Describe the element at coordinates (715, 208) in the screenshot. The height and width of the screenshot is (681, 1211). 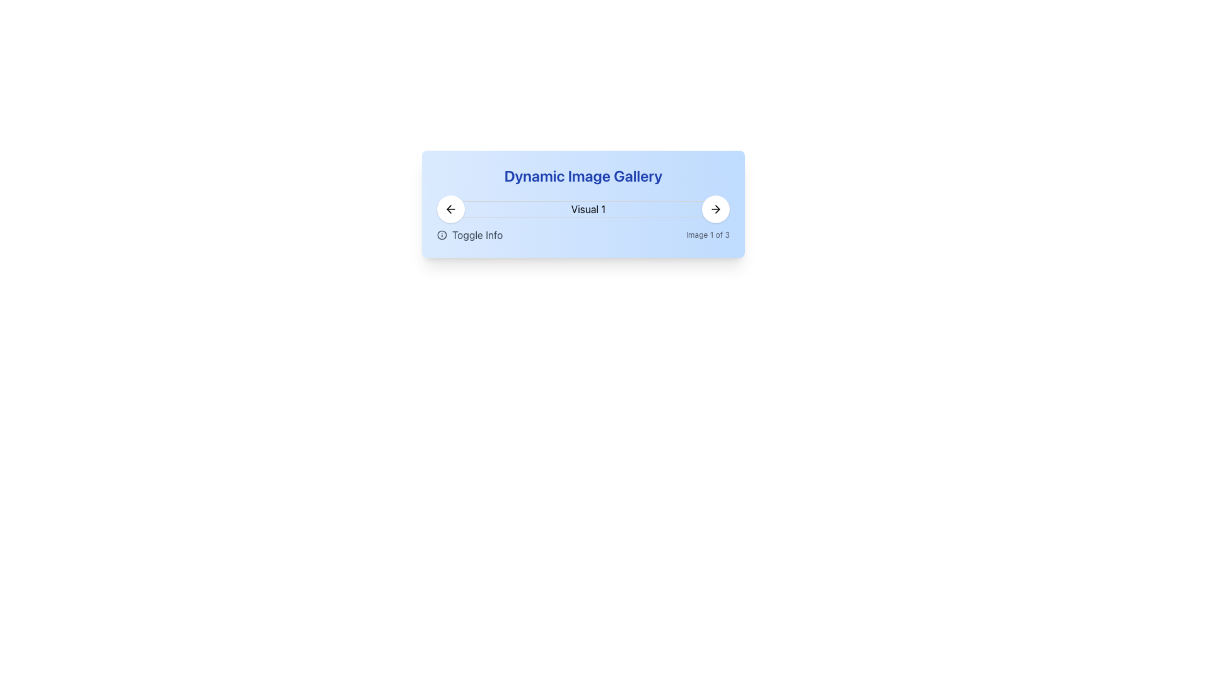
I see `the right-pointing arrow icon located in the rightmost circular button of the navigation group` at that location.